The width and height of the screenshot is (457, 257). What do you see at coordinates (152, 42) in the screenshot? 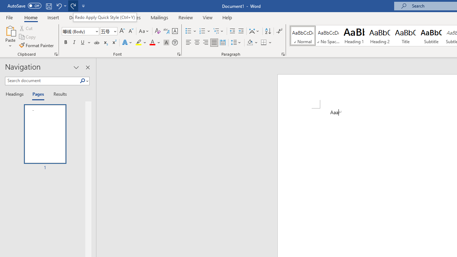
I see `'Font Color Red'` at bounding box center [152, 42].